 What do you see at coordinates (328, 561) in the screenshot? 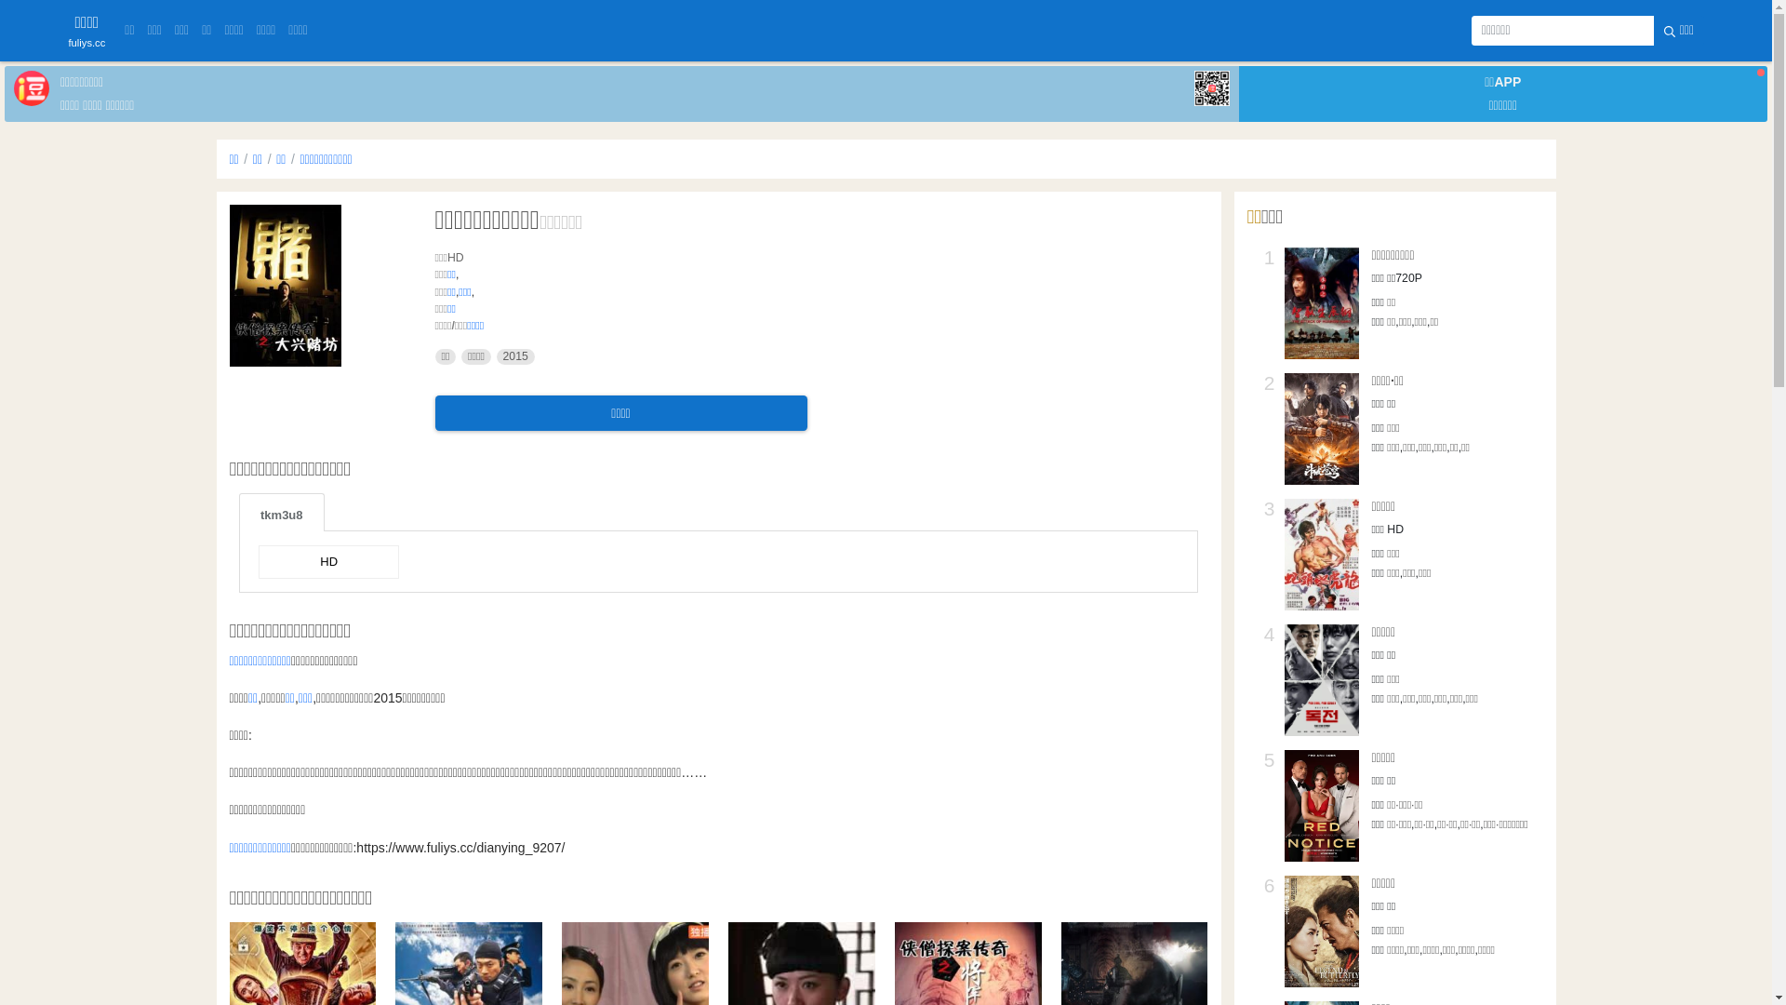
I see `'HD'` at bounding box center [328, 561].